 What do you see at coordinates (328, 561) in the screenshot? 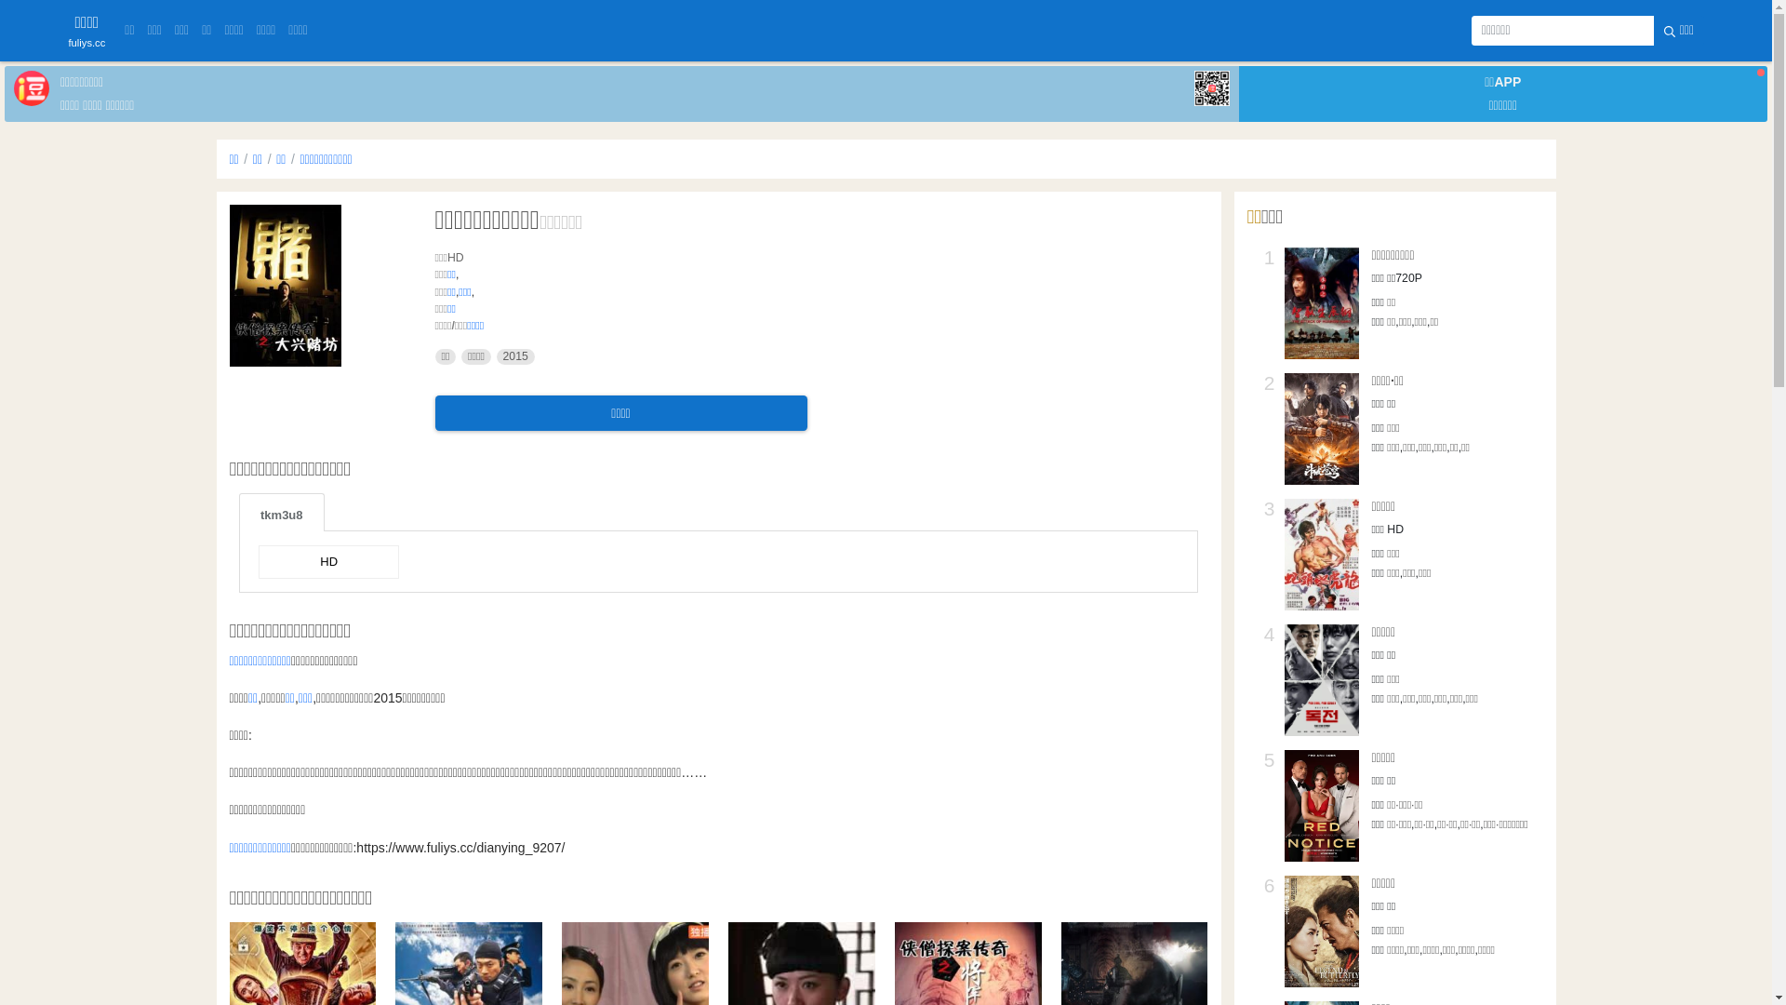
I see `'HD'` at bounding box center [328, 561].